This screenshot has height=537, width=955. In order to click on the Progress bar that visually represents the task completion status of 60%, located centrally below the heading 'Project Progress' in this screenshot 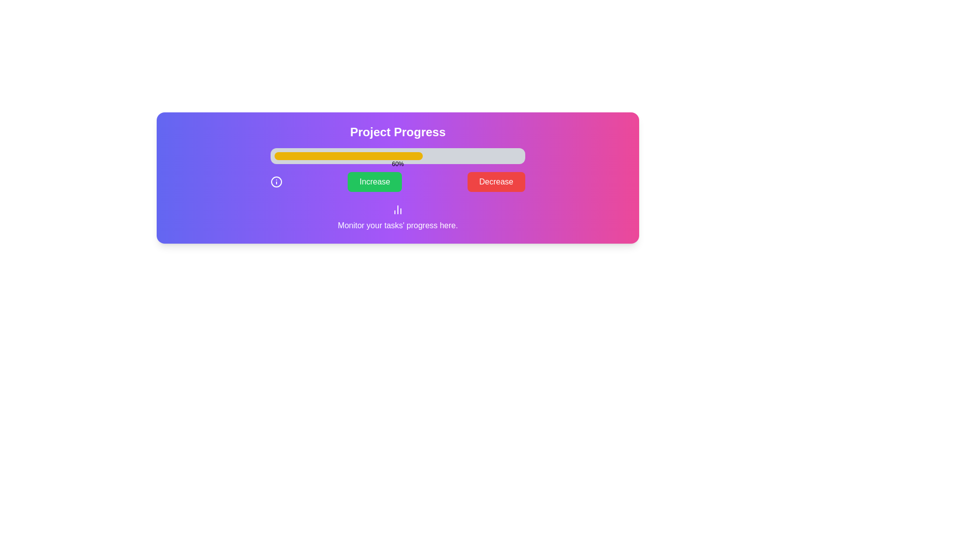, I will do `click(398, 156)`.